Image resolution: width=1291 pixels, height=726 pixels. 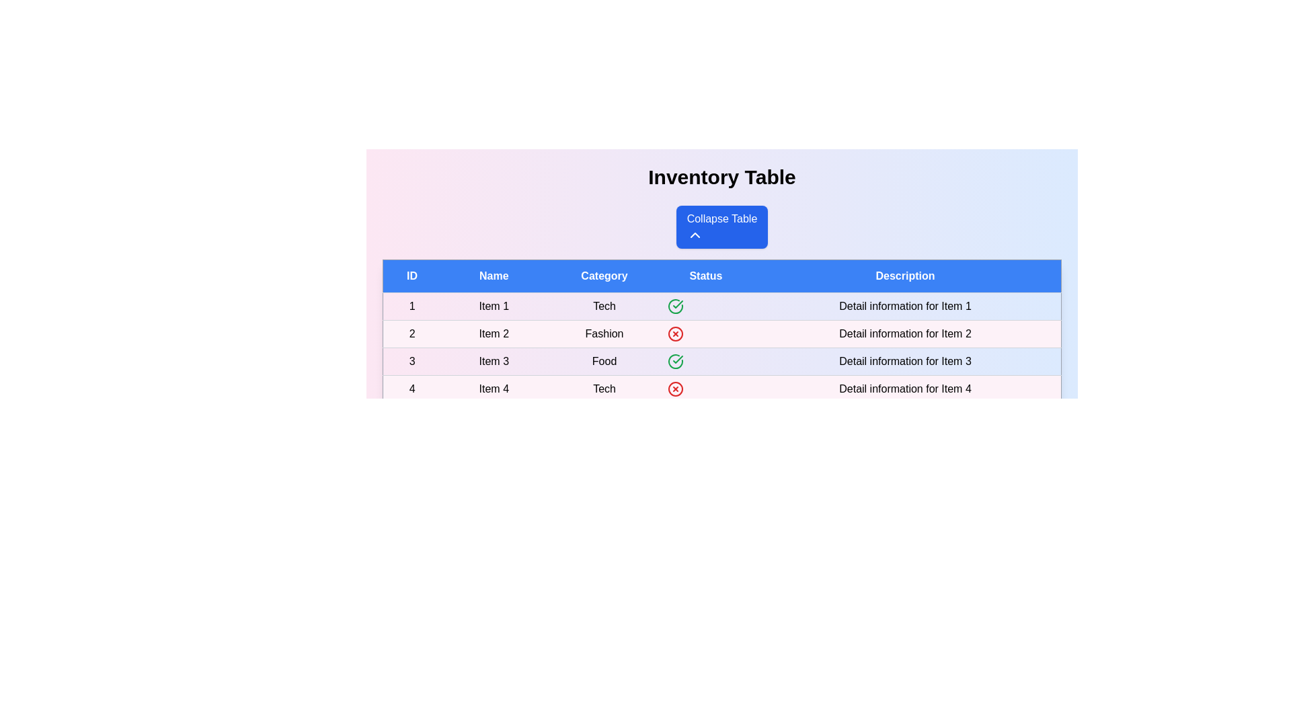 I want to click on the row with ID 3 to highlight it, so click(x=721, y=360).